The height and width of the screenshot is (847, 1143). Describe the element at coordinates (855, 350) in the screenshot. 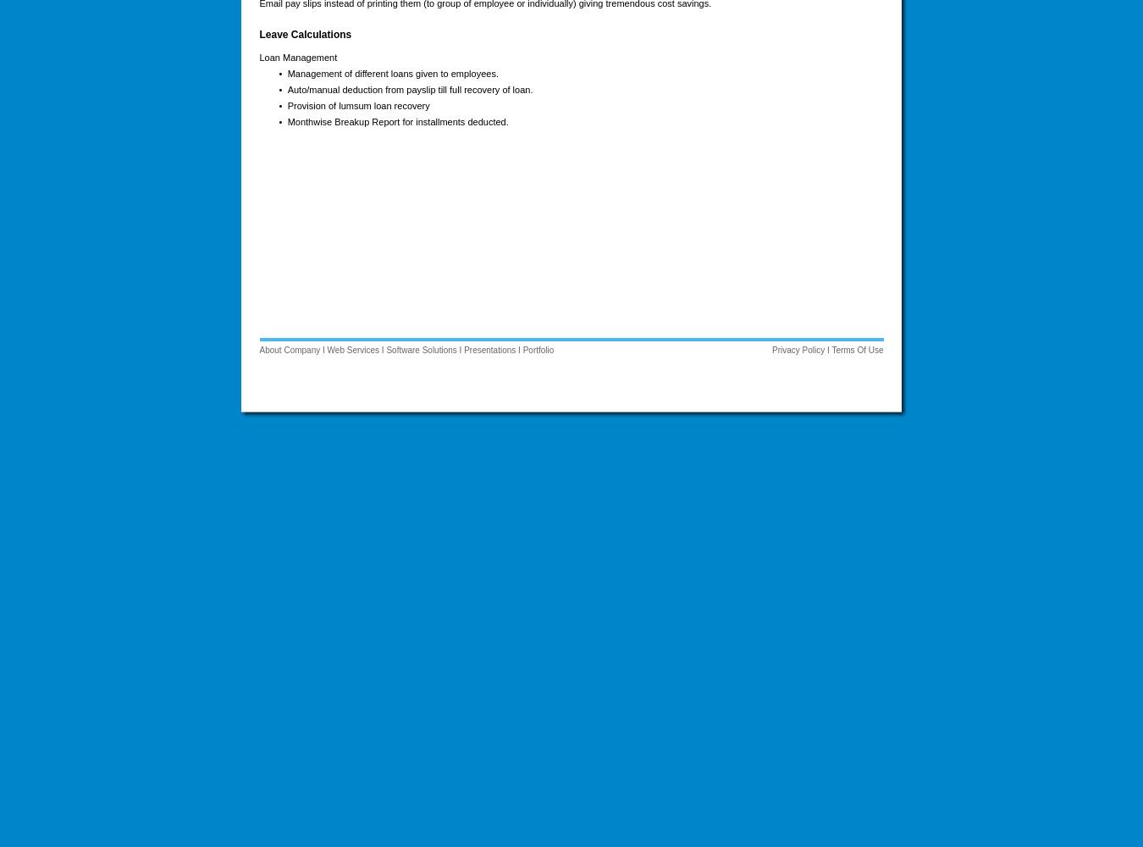

I see `'Terms Of Use'` at that location.